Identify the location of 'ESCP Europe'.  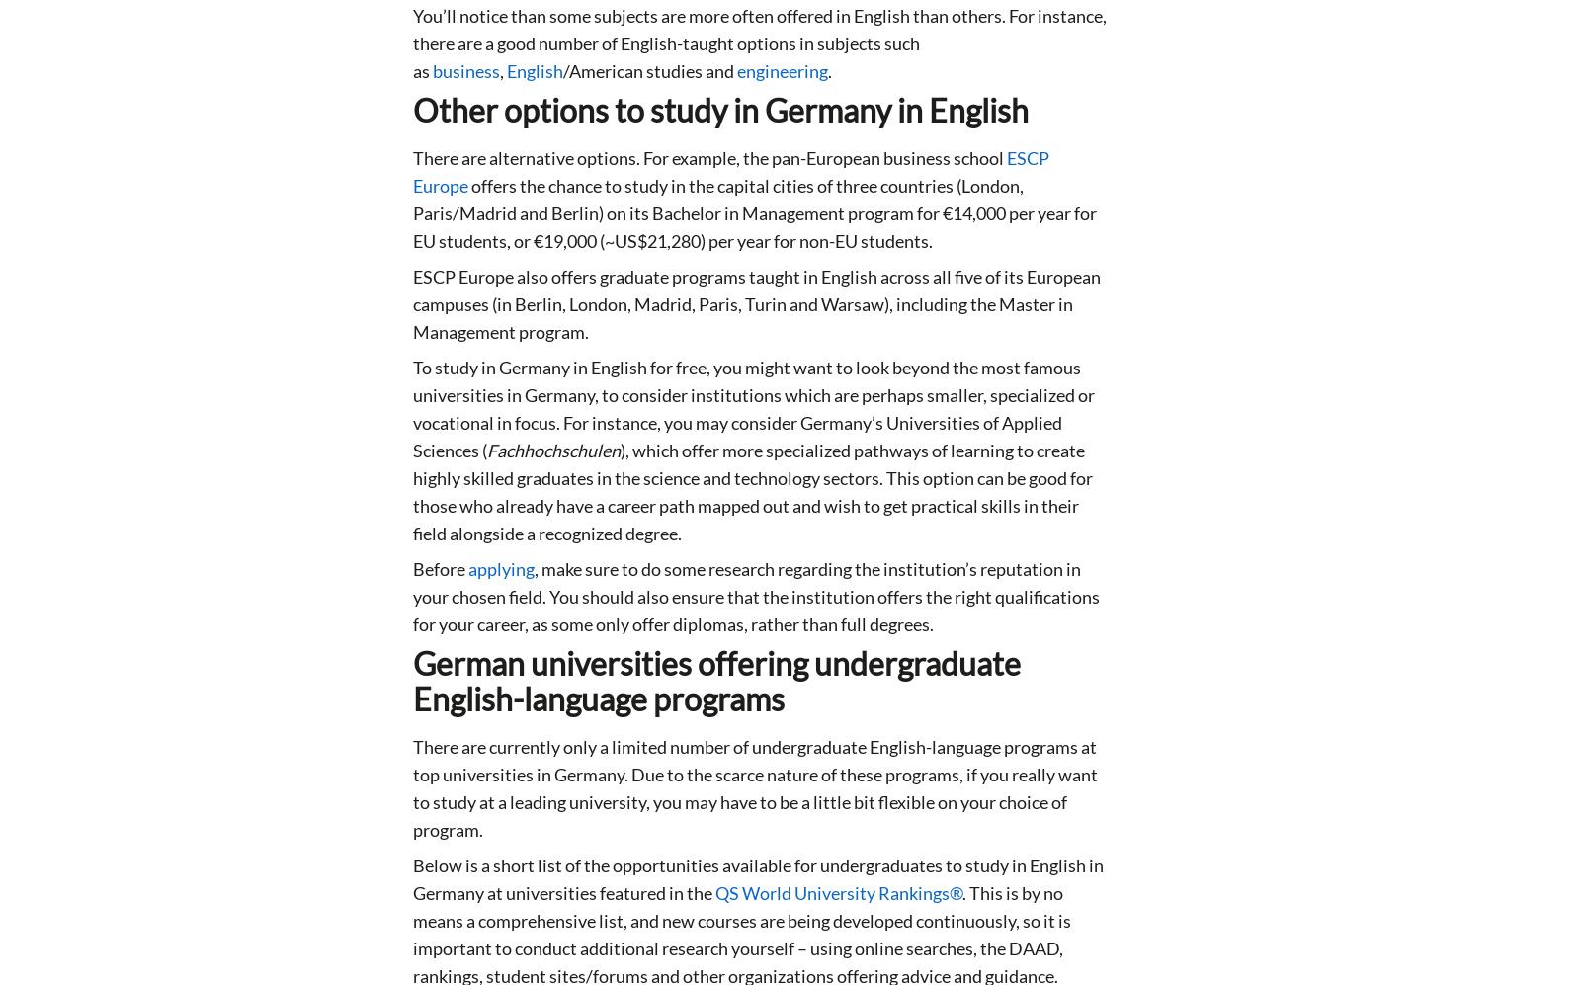
(731, 170).